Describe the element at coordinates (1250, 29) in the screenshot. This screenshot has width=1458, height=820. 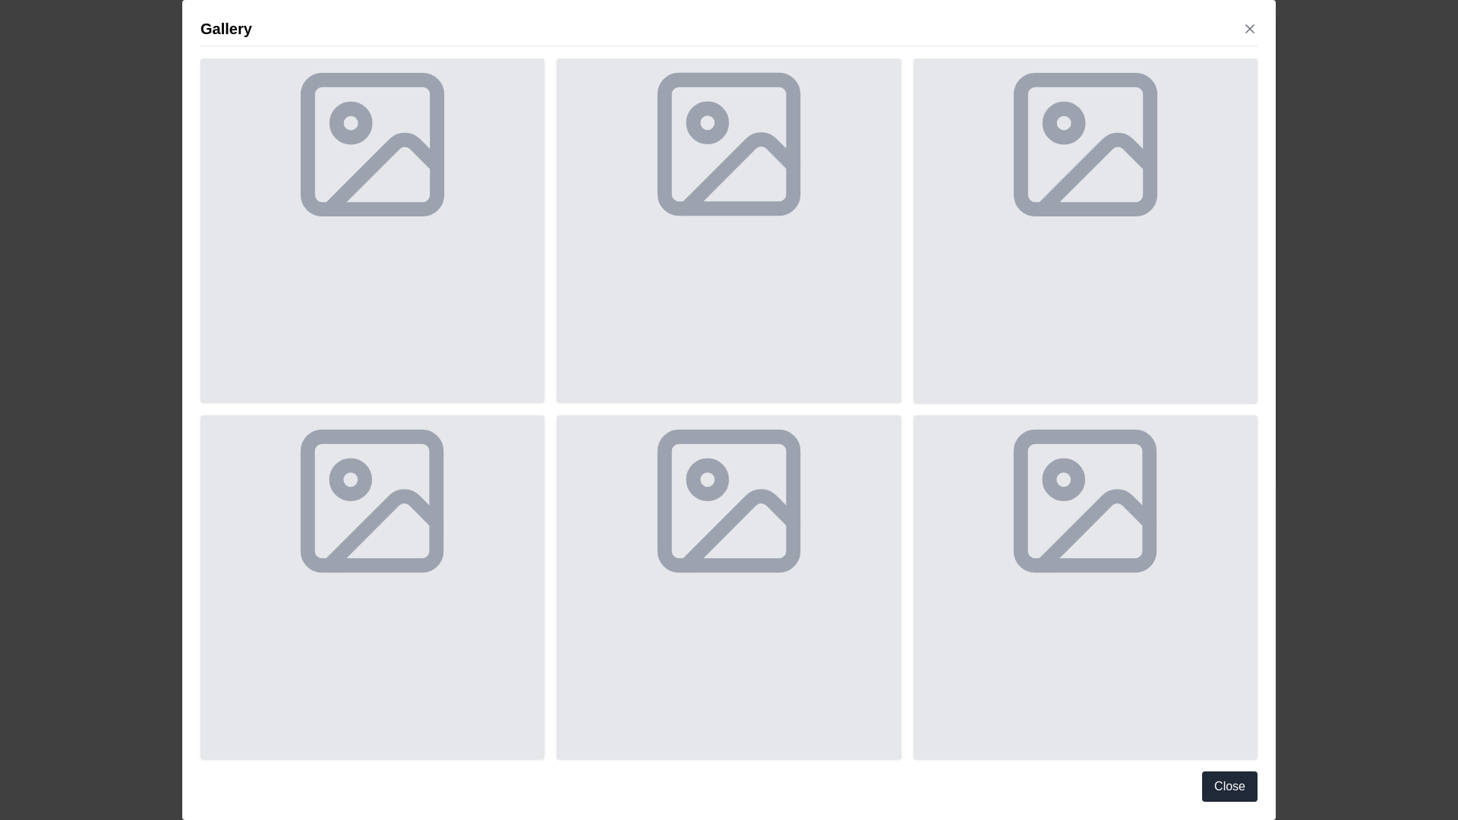
I see `the small close button represented by an 'X' icon in the top-right corner of the modal header to trigger the interactive hover effect that changes its color to red` at that location.